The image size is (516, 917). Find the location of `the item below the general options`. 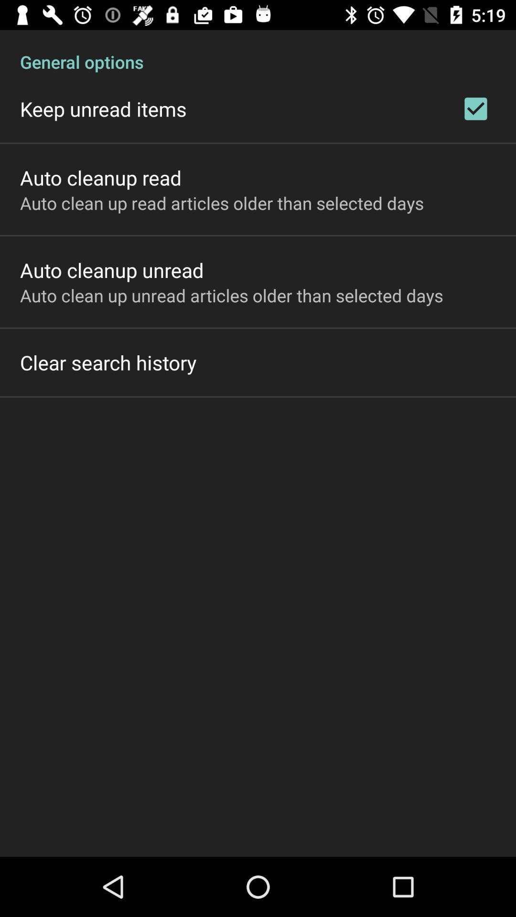

the item below the general options is located at coordinates (103, 109).